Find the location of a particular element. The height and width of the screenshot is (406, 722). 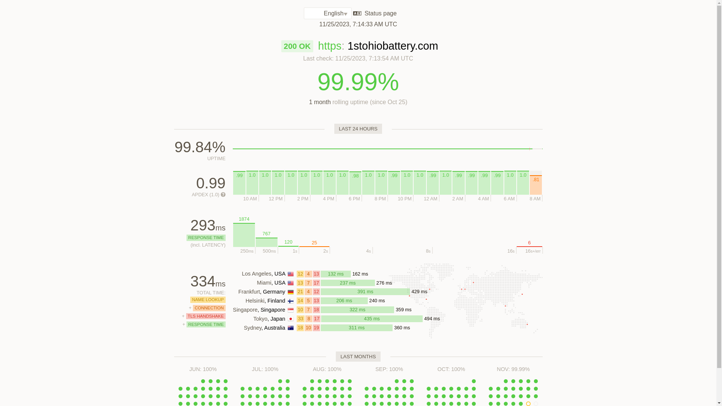

'<small>Sep 17:</small> No downtime' is located at coordinates (411, 395).